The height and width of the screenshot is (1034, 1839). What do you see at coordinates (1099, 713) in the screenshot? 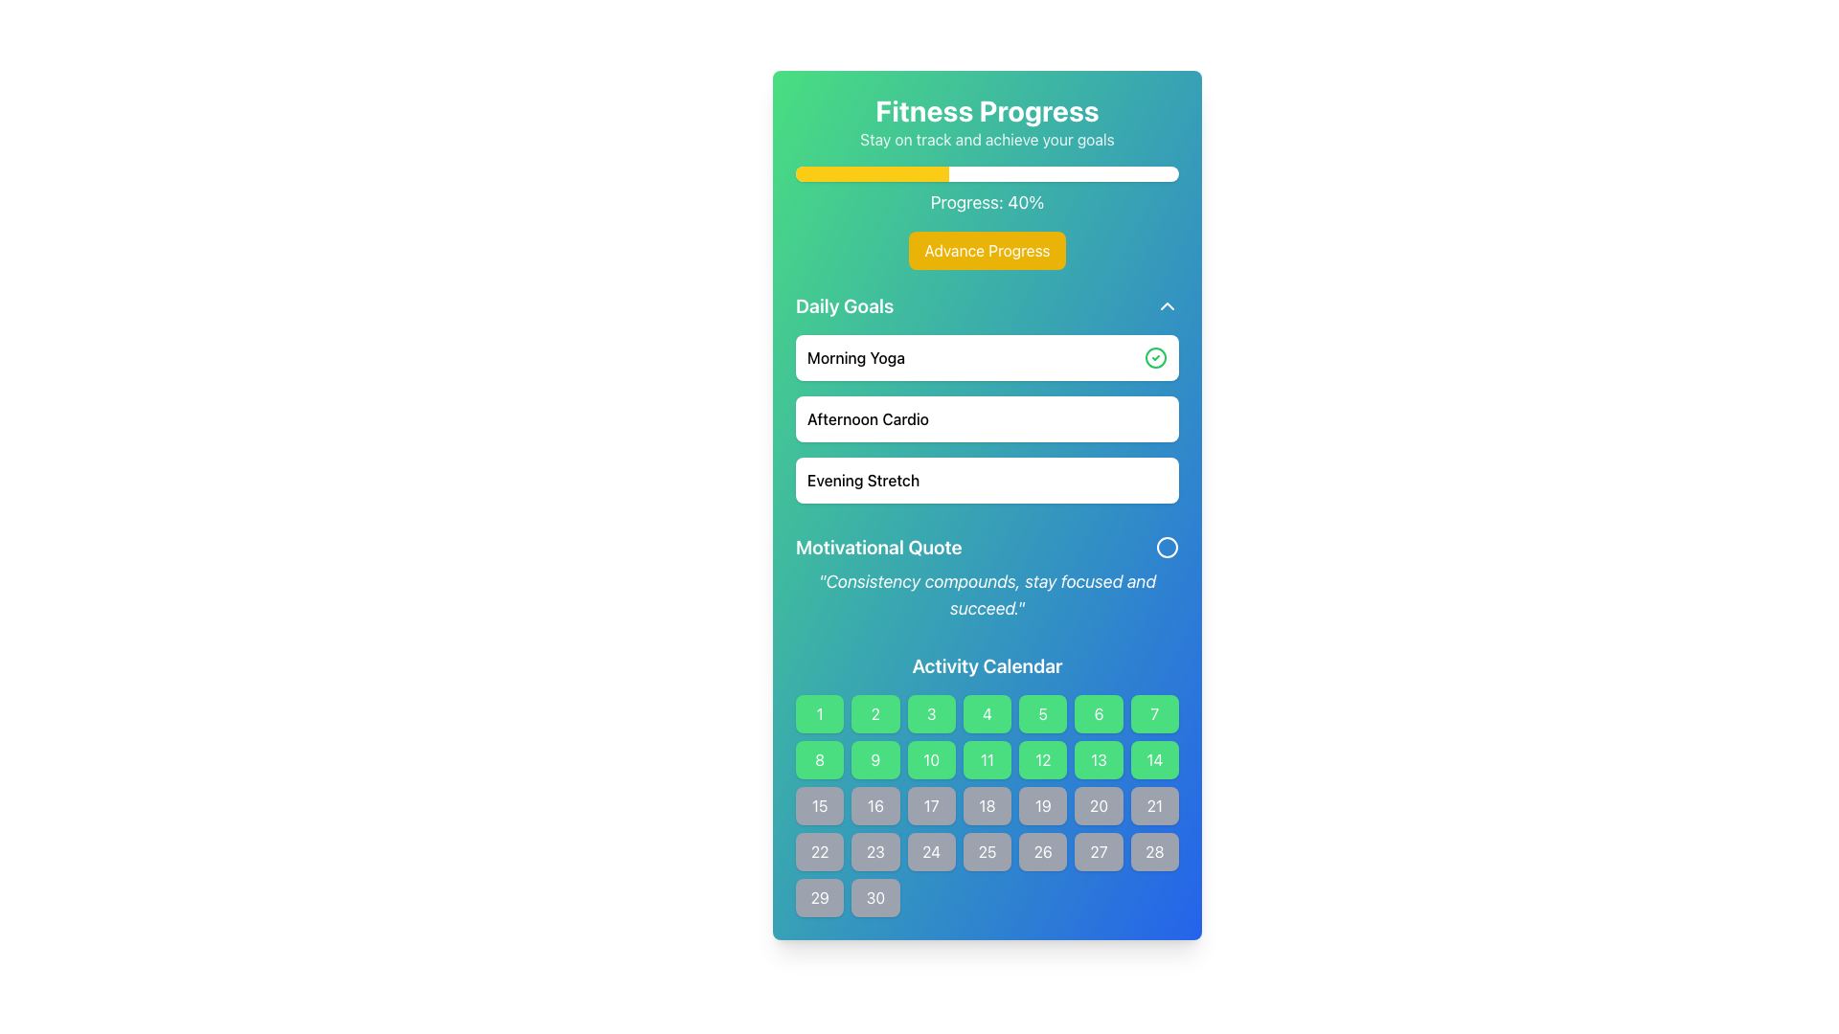
I see `the sixth day button in the Activity Calendar` at bounding box center [1099, 713].